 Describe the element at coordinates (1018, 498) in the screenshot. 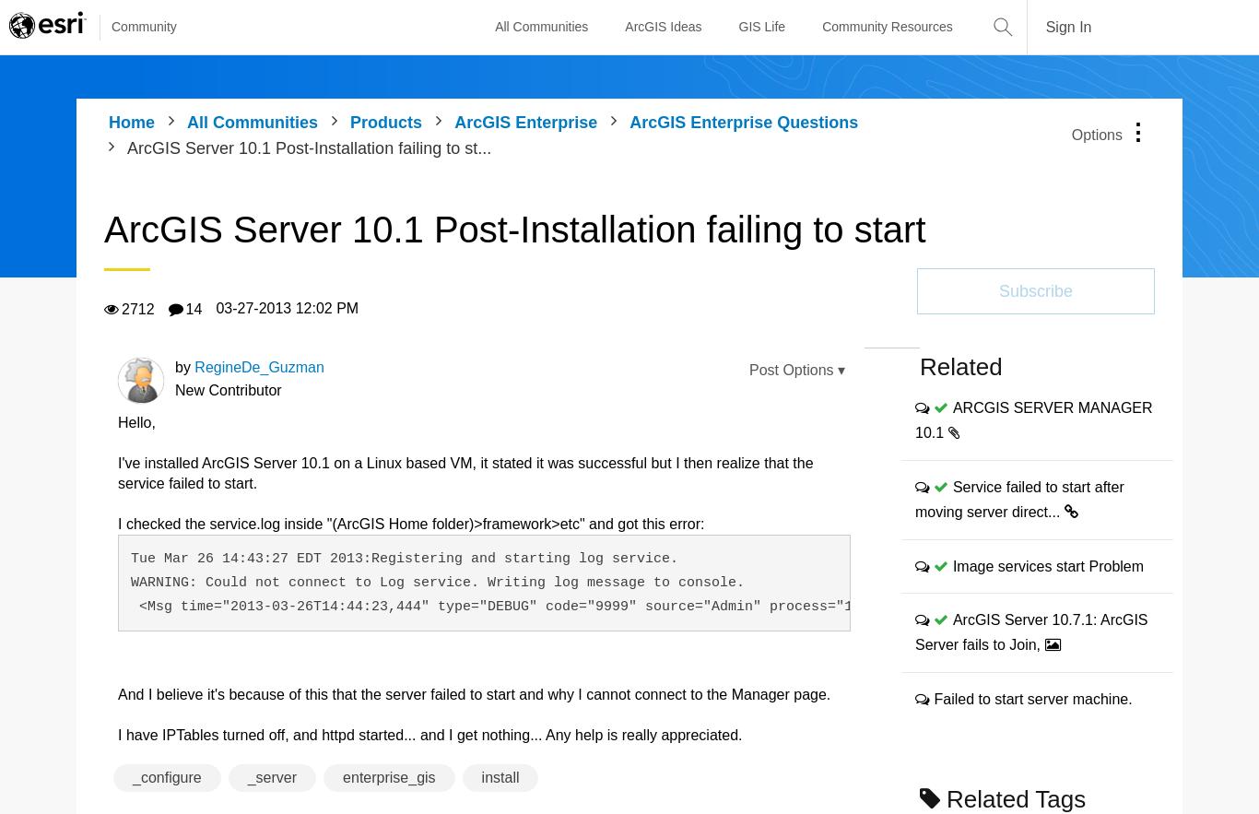

I see `'Service failed to start after moving server direct...'` at that location.